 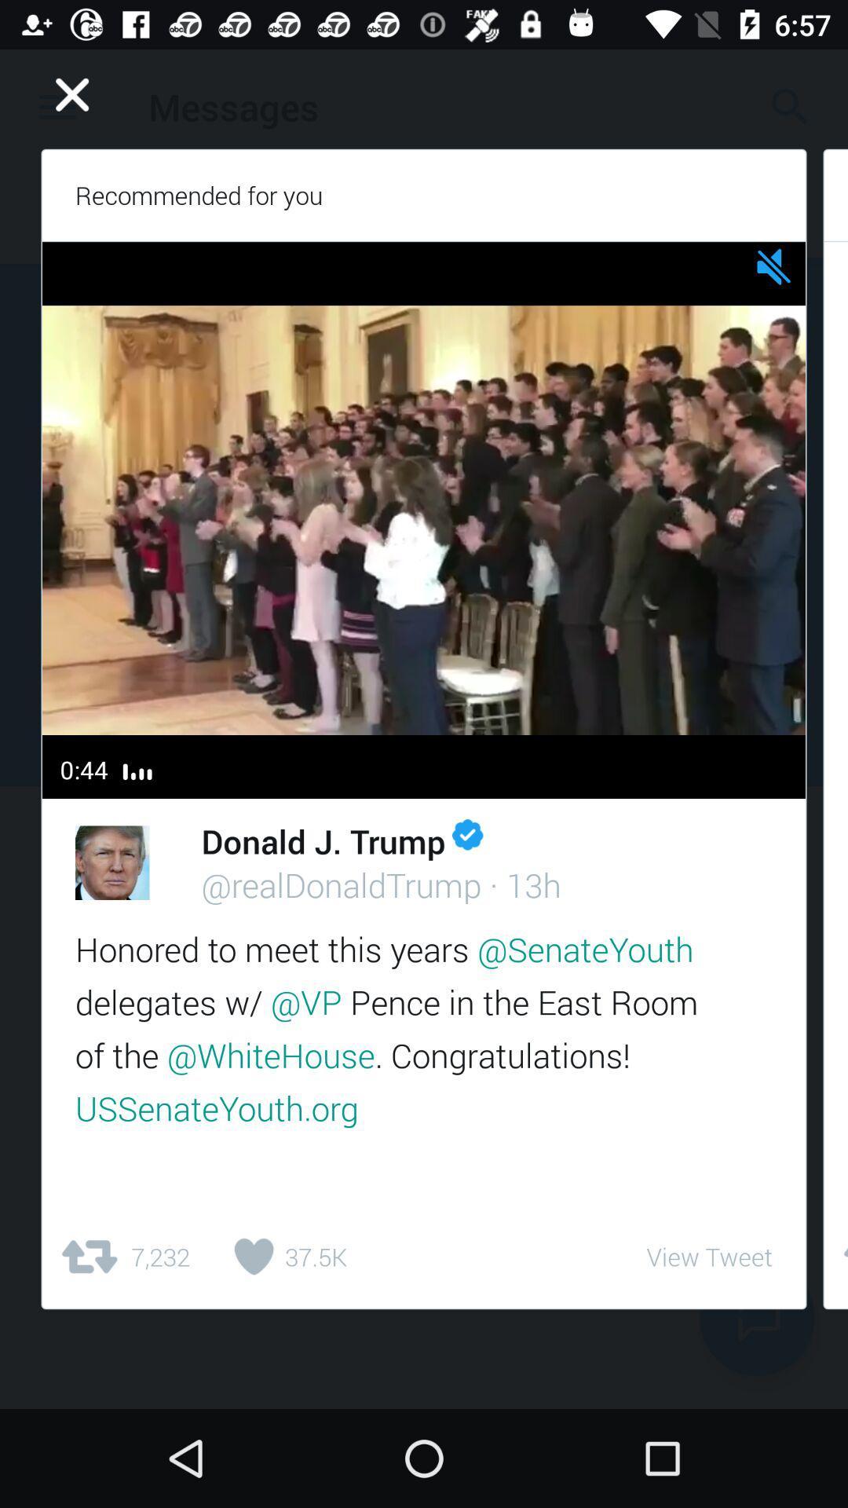 What do you see at coordinates (123, 1257) in the screenshot?
I see `7,232` at bounding box center [123, 1257].